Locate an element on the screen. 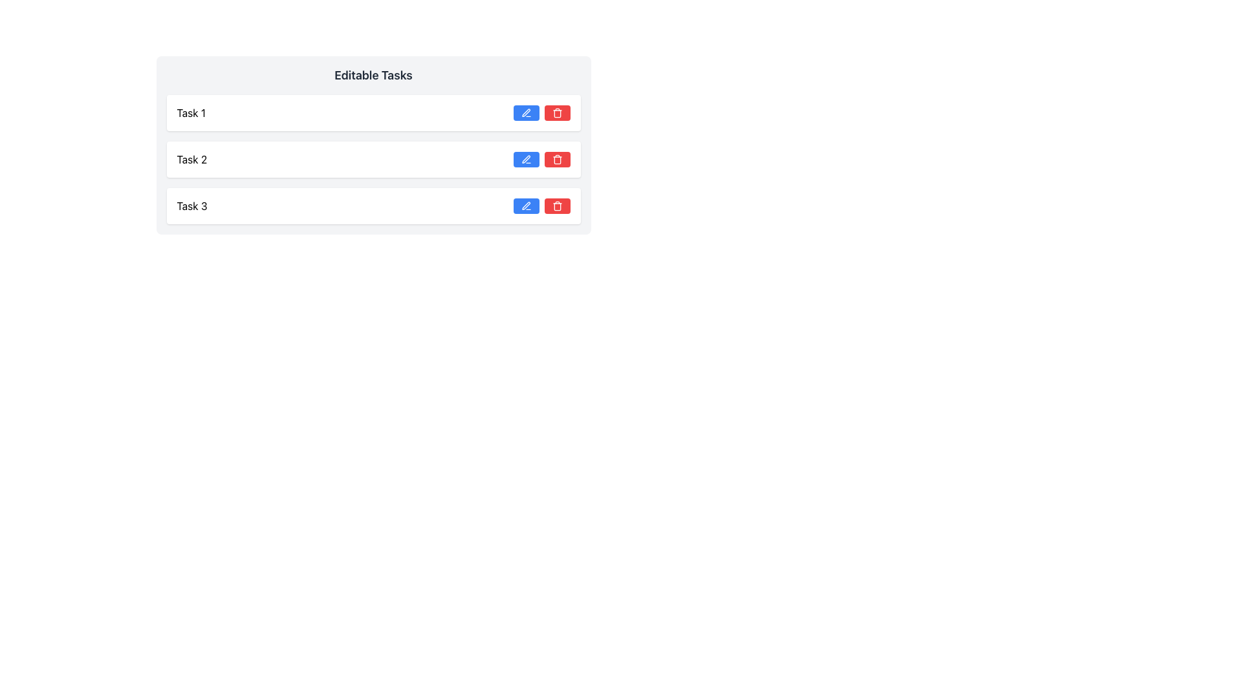 The image size is (1242, 698). the delete button located to the right of the blue edit button in the task row is located at coordinates (557, 158).